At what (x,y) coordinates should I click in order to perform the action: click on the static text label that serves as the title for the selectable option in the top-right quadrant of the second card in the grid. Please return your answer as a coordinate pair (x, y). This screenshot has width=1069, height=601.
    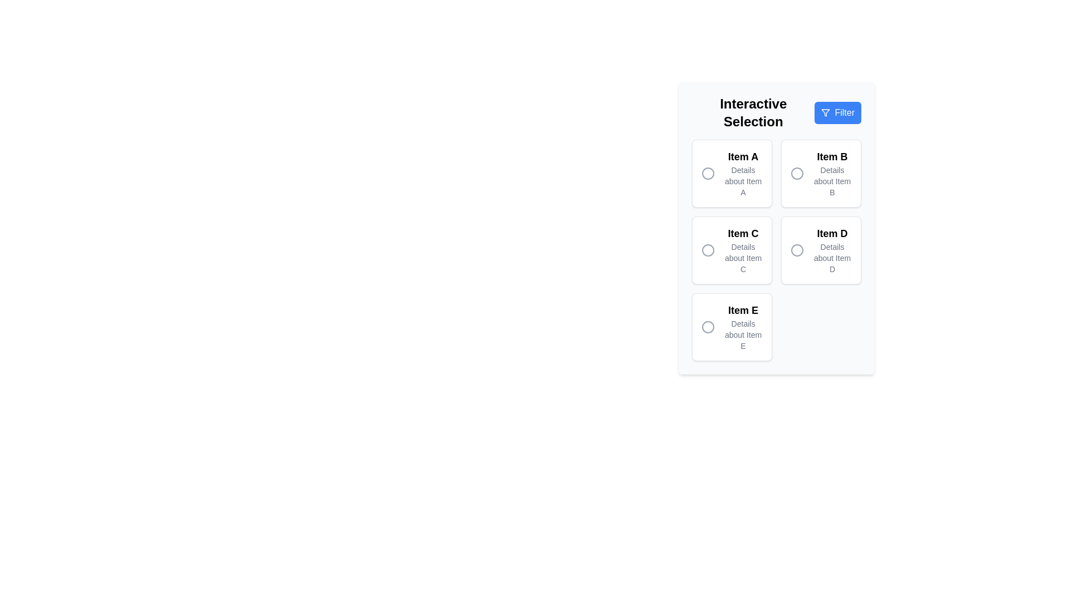
    Looking at the image, I should click on (832, 156).